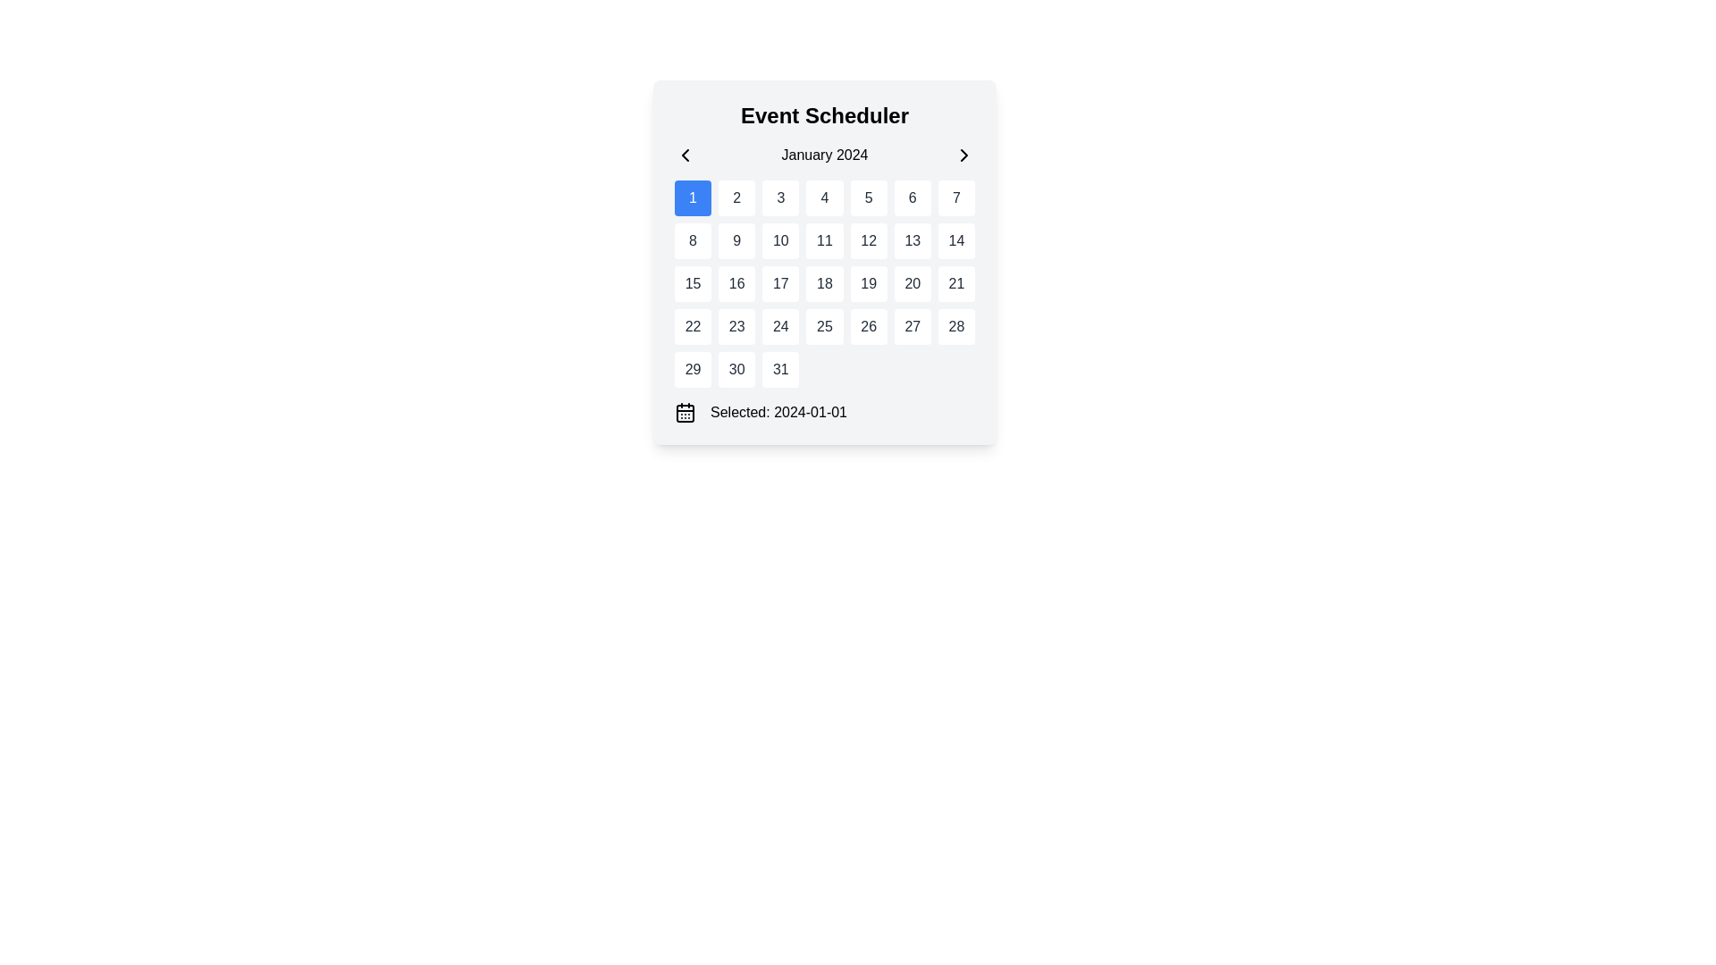 This screenshot has height=965, width=1716. I want to click on the square button labeled '5' with a white background and gray text, so click(868, 198).